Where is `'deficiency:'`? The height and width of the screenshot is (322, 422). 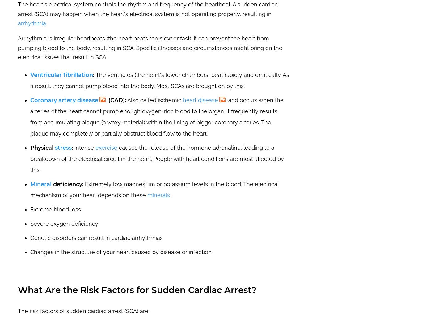 'deficiency:' is located at coordinates (67, 184).